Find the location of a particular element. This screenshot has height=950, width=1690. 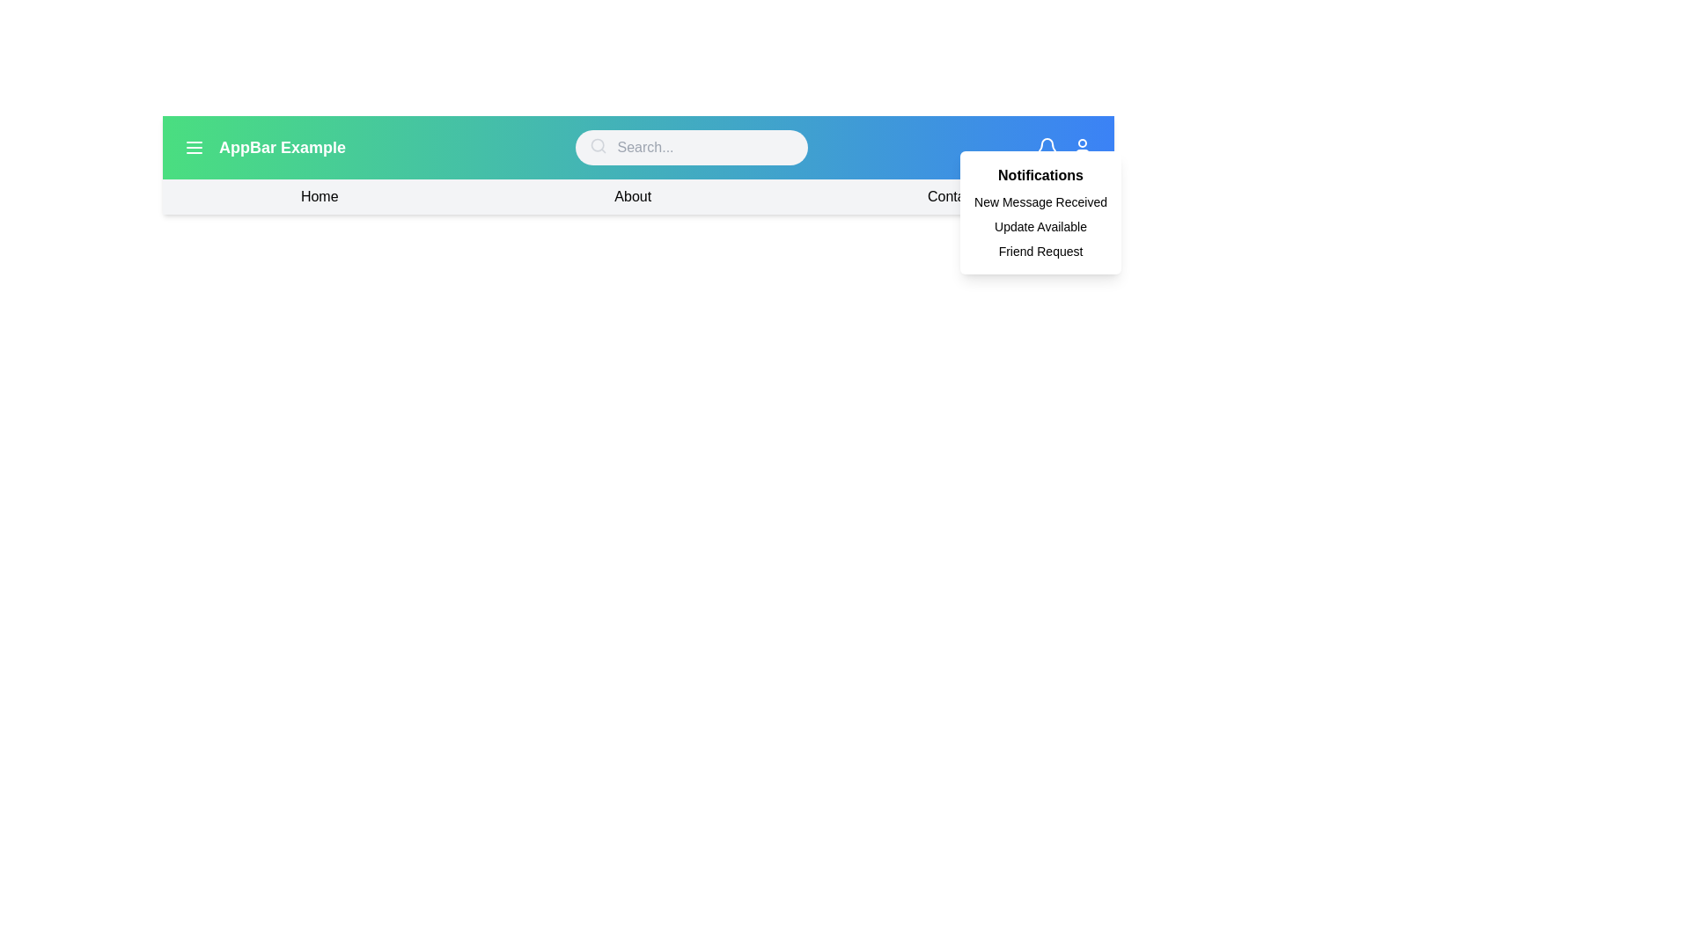

the user icon to view the user profile is located at coordinates (1081, 147).